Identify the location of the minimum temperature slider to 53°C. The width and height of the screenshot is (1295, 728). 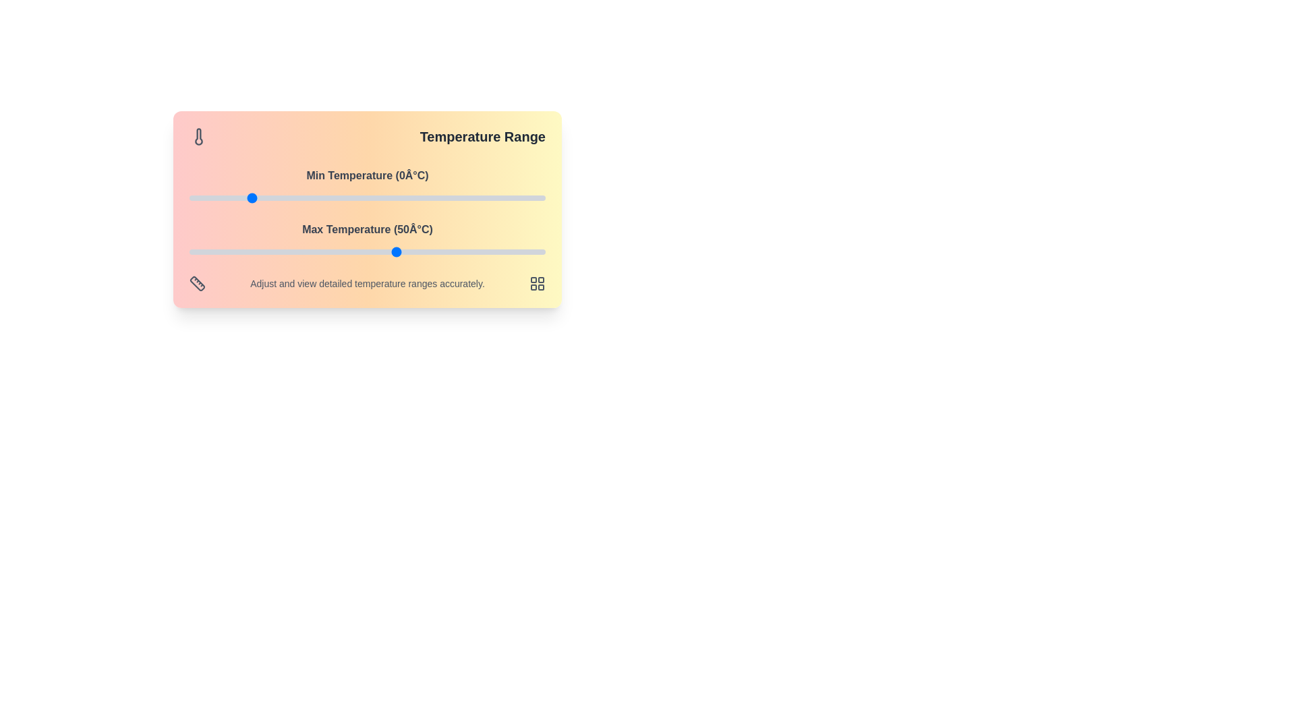
(405, 198).